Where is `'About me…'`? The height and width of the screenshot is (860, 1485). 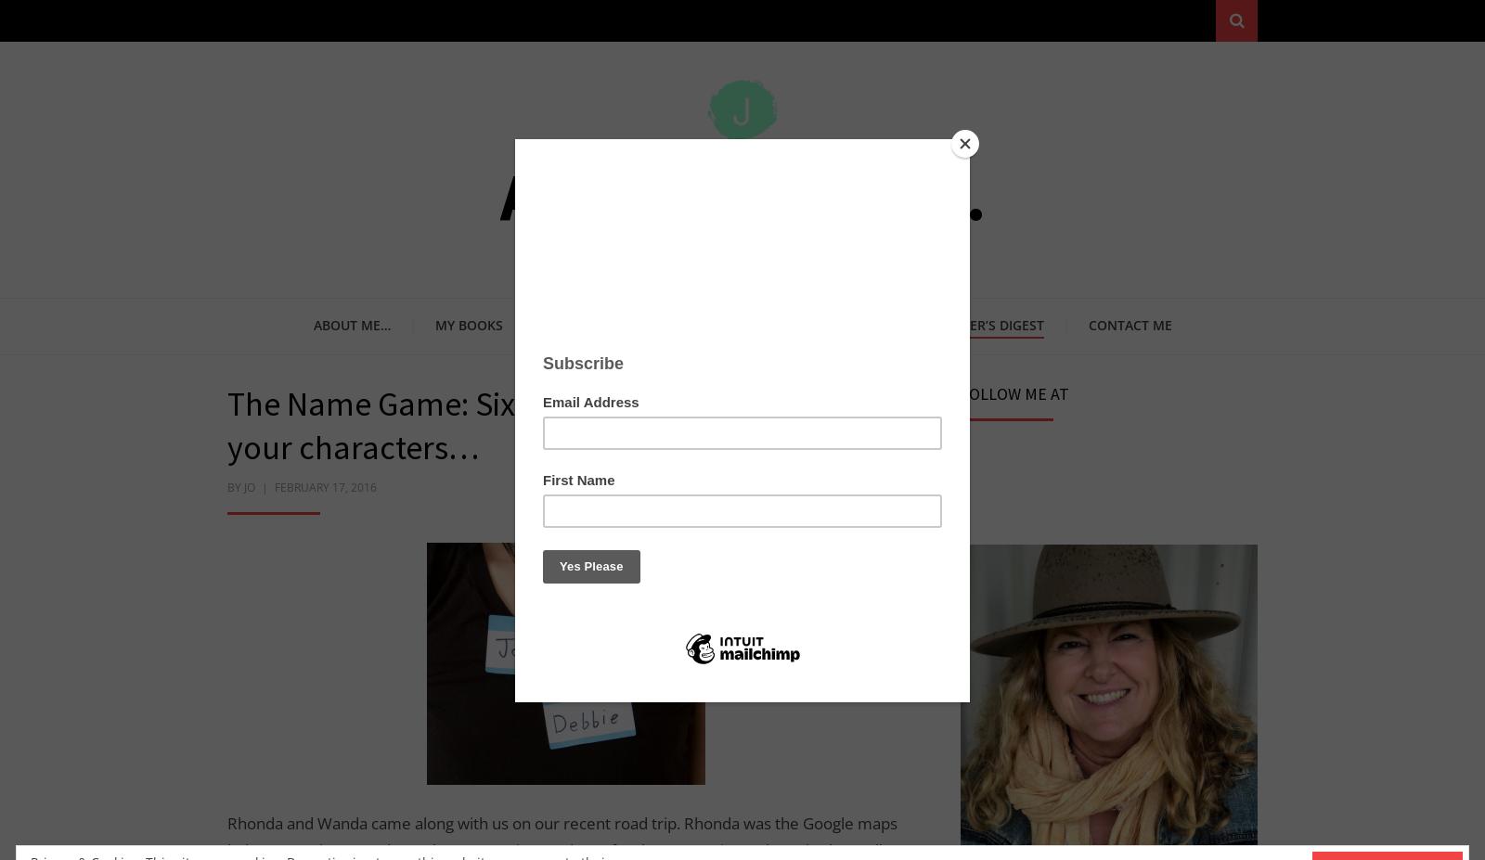
'About me…' is located at coordinates (351, 323).